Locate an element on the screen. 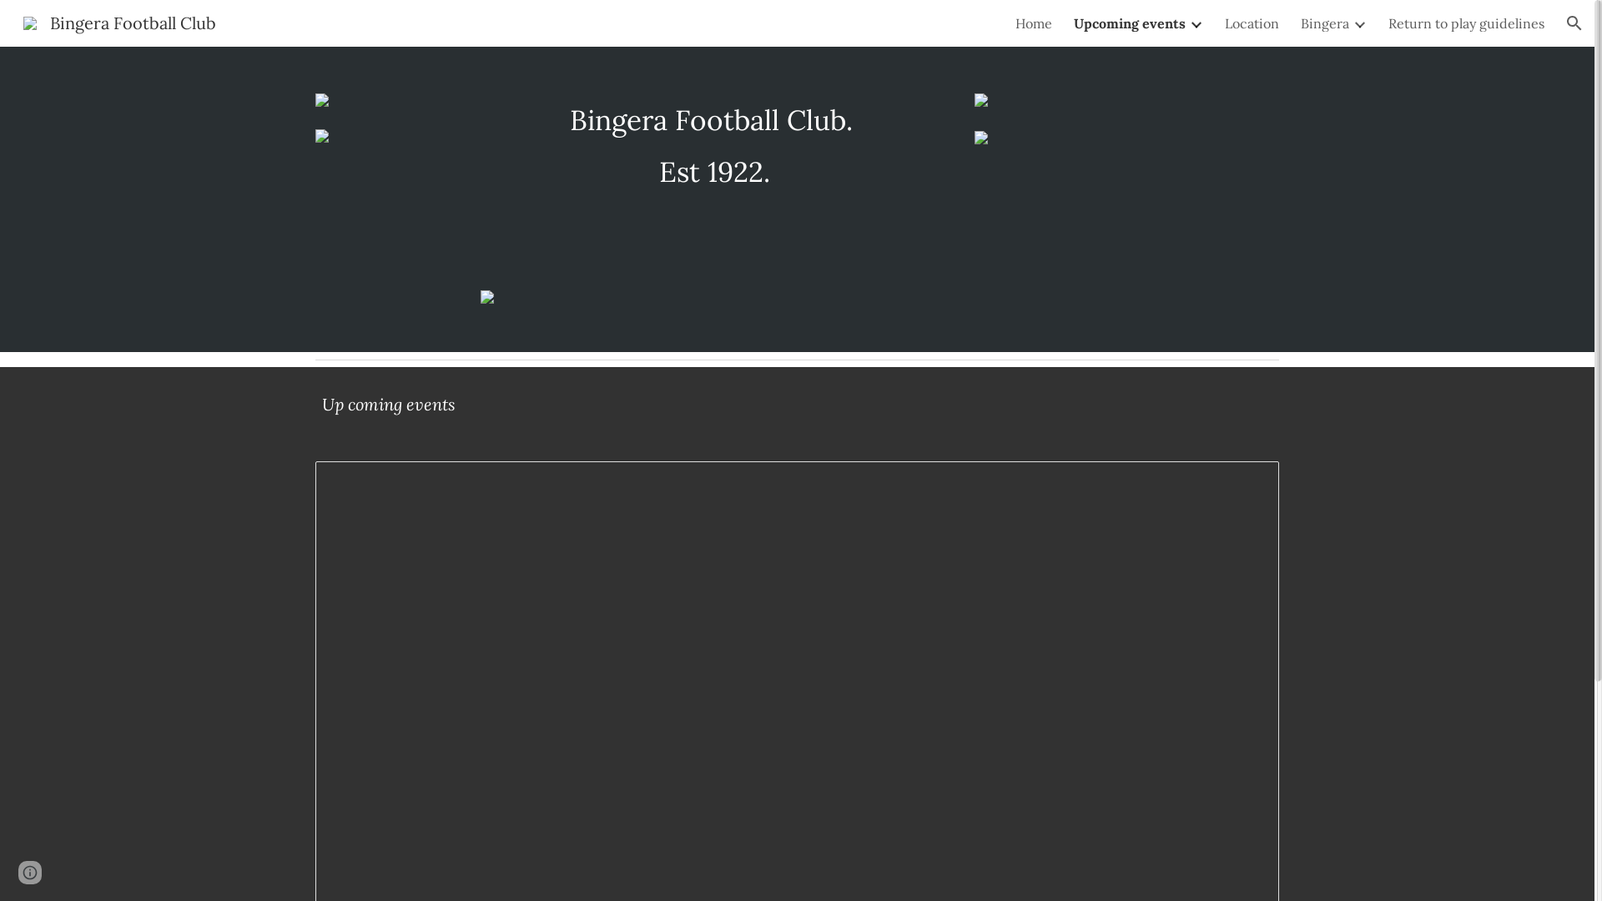 Image resolution: width=1602 pixels, height=901 pixels. 'Return to play guidelines' is located at coordinates (1388, 23).